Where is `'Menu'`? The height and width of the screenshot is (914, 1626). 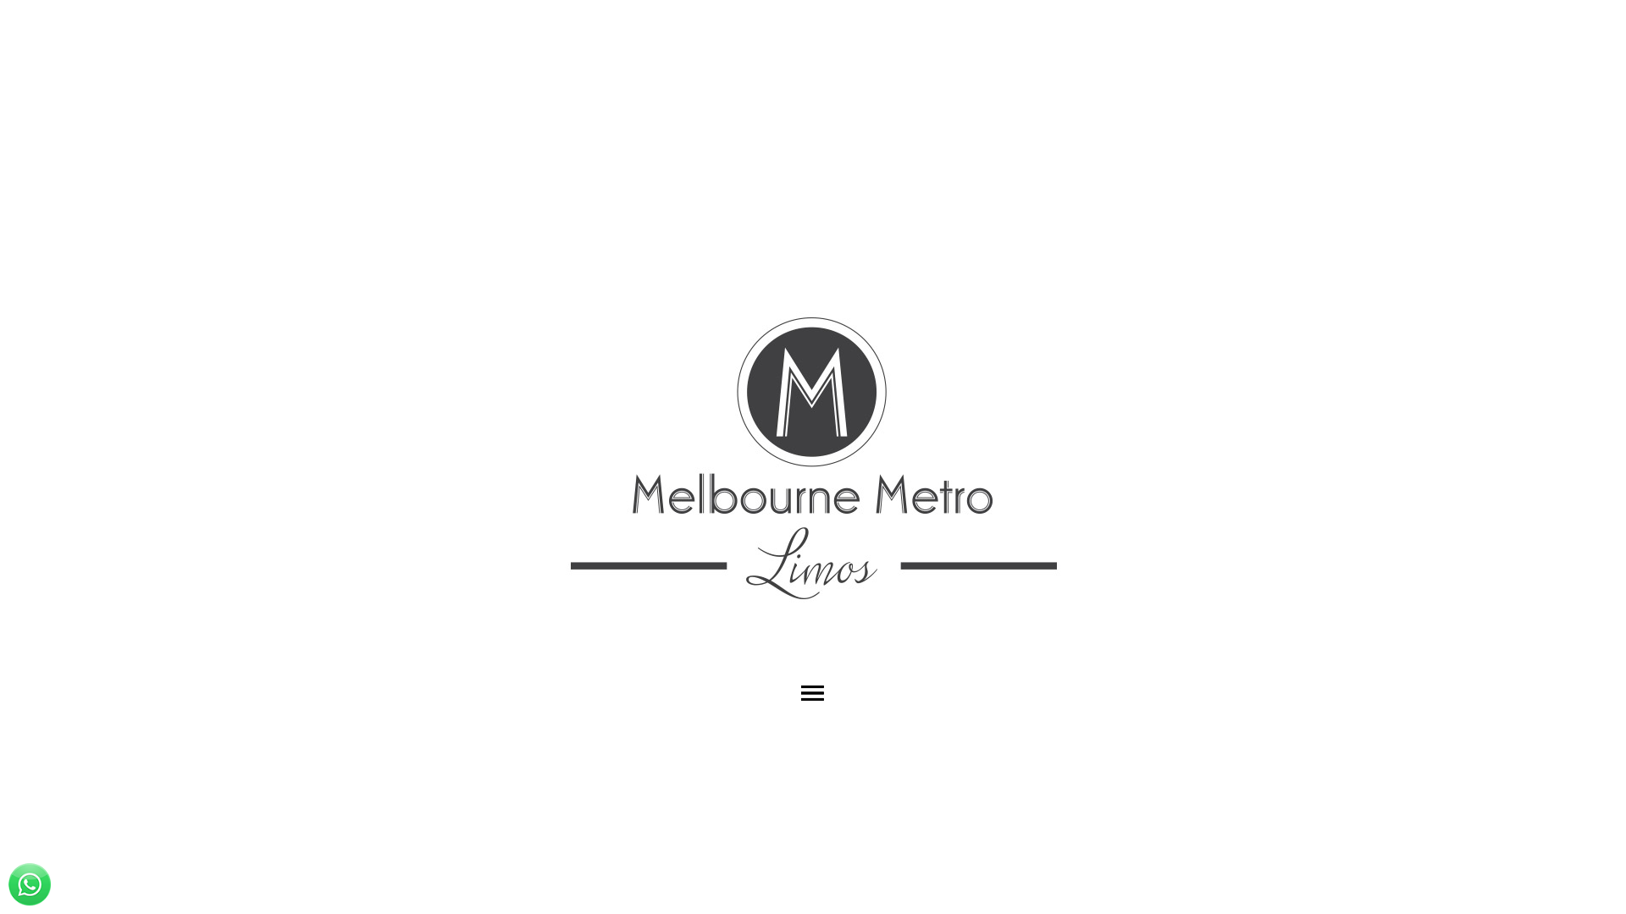 'Menu' is located at coordinates (813, 692).